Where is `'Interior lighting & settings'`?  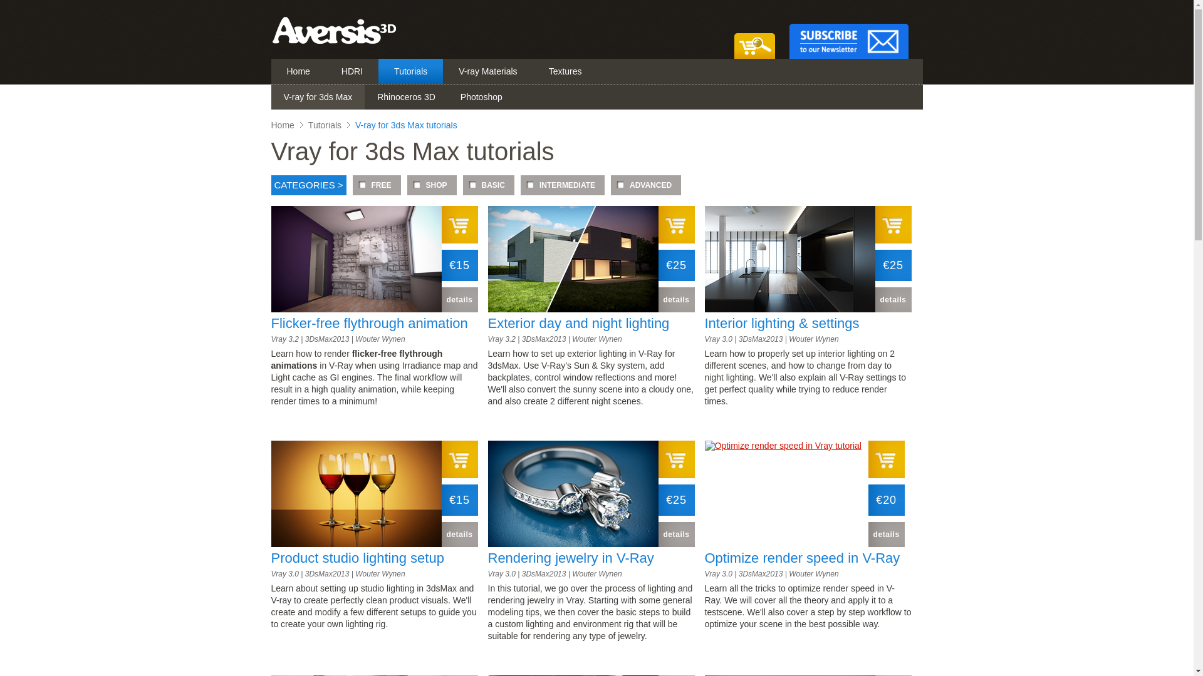 'Interior lighting & settings' is located at coordinates (781, 322).